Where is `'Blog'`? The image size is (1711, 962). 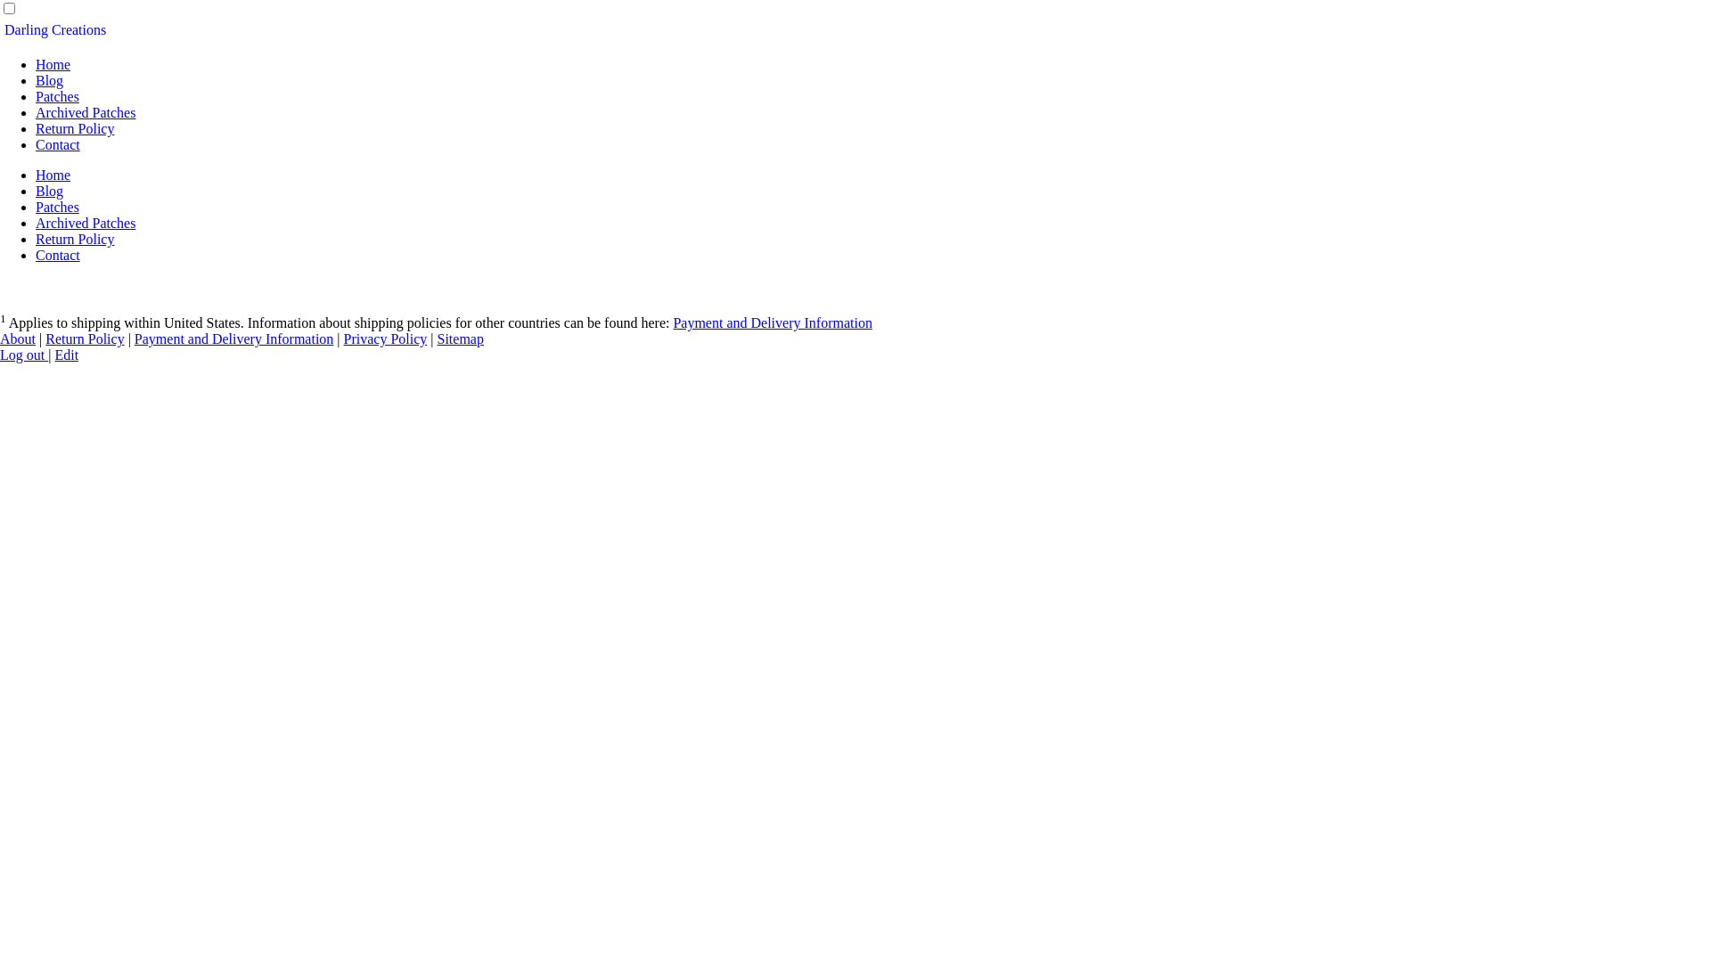 'Blog' is located at coordinates (49, 191).